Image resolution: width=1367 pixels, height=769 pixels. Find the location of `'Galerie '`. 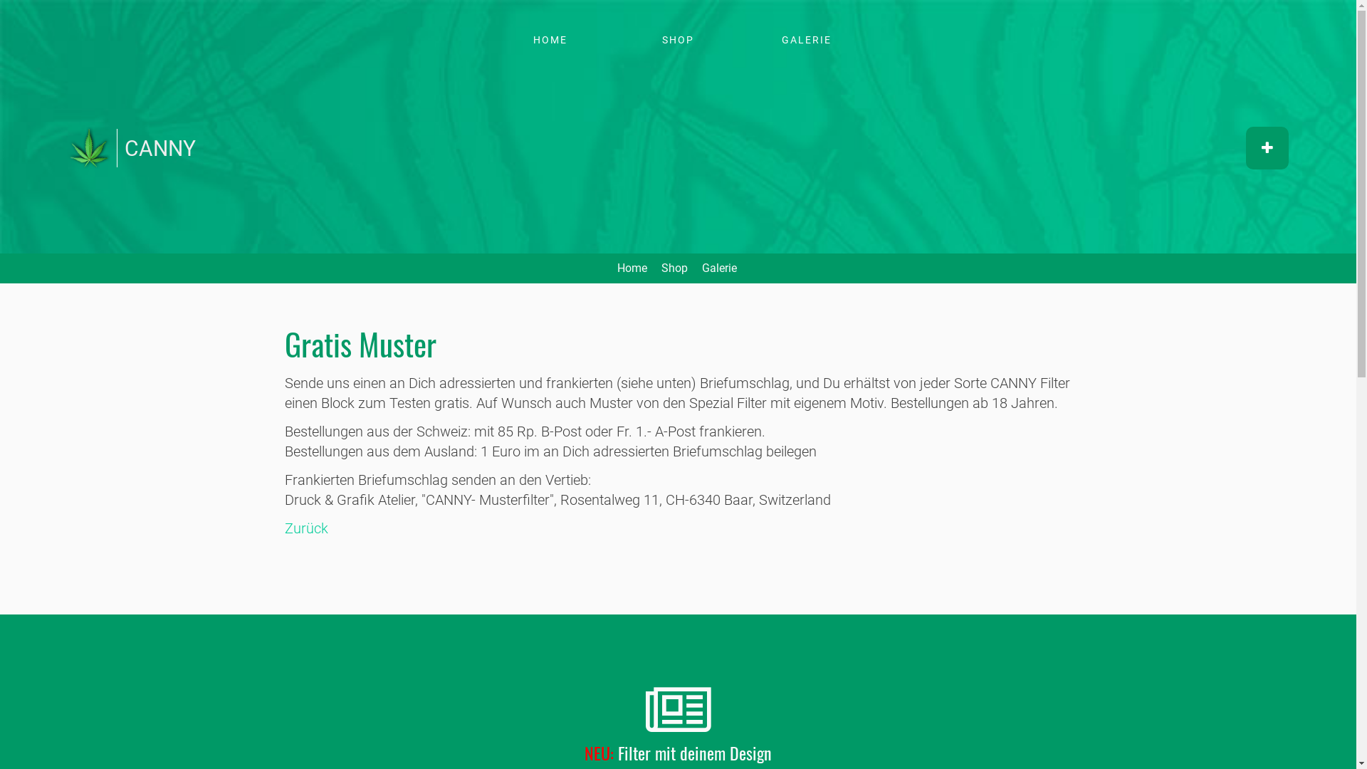

'Galerie ' is located at coordinates (721, 268).